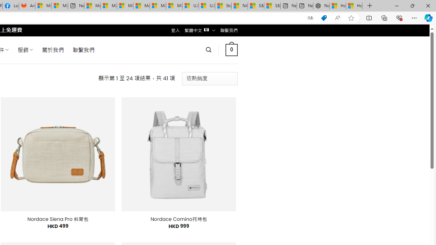  What do you see at coordinates (108, 6) in the screenshot?
I see `'Microsoft account | Privacy'` at bounding box center [108, 6].